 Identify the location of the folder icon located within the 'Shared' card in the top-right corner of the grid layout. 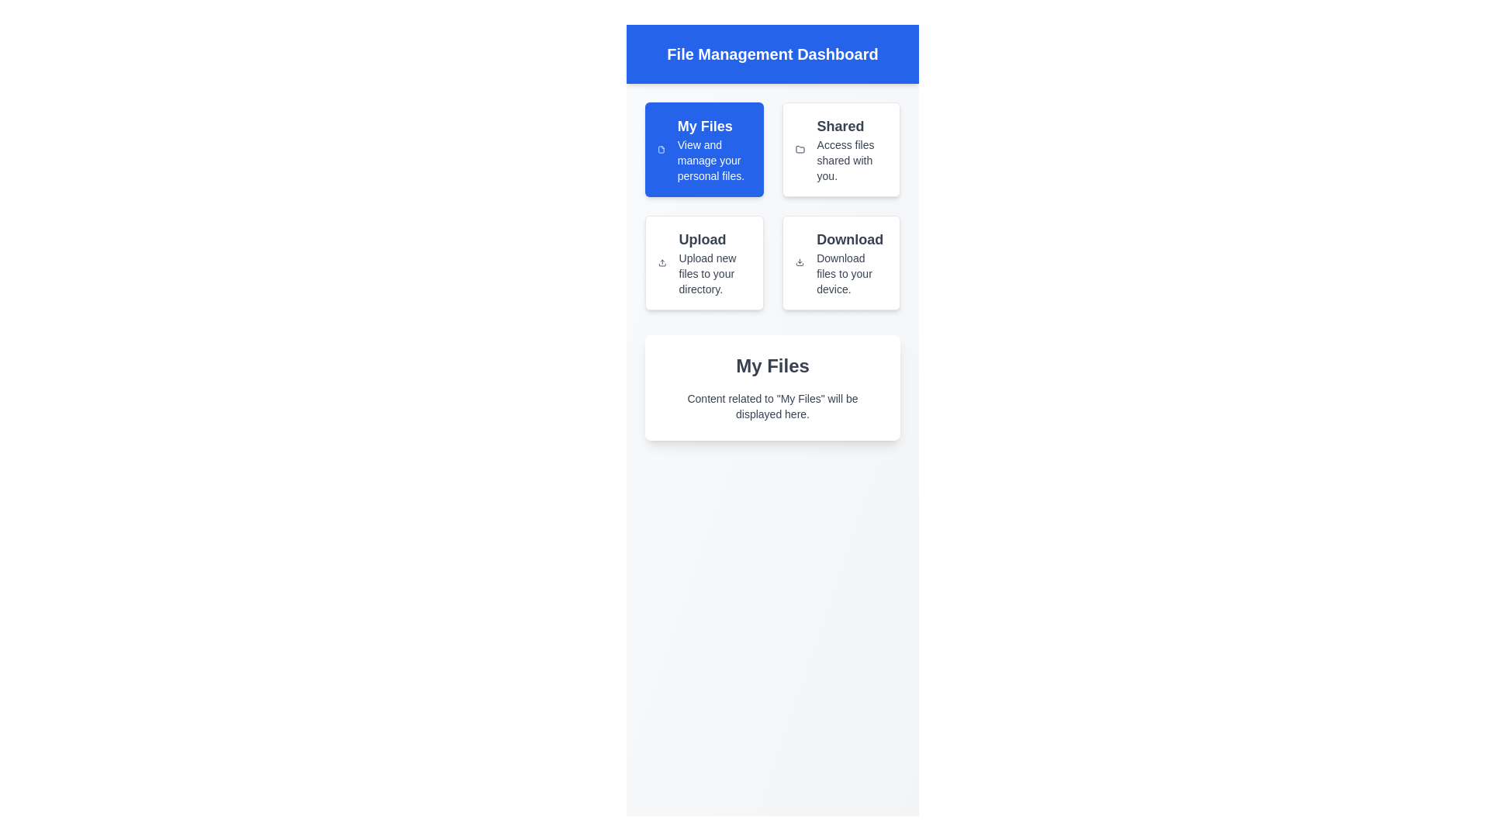
(800, 149).